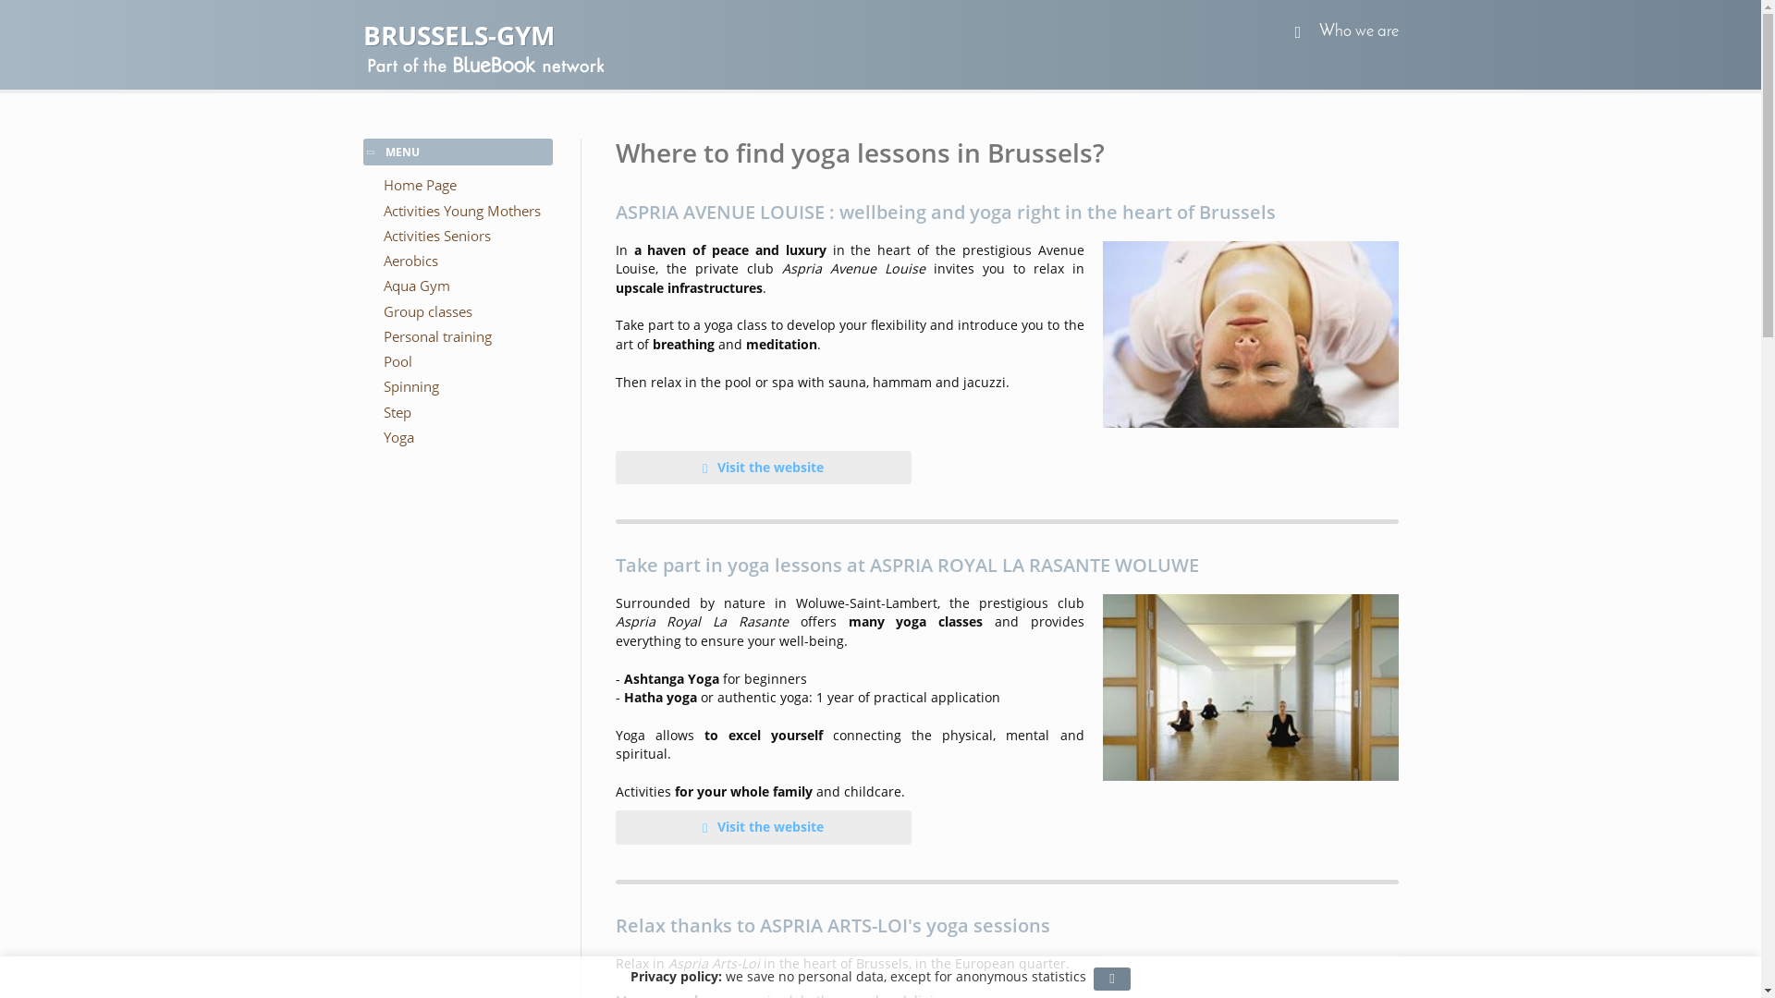 The width and height of the screenshot is (1775, 998). Describe the element at coordinates (616, 825) in the screenshot. I see `'Visit the website'` at that location.